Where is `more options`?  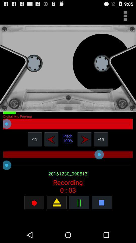 more options is located at coordinates (125, 16).